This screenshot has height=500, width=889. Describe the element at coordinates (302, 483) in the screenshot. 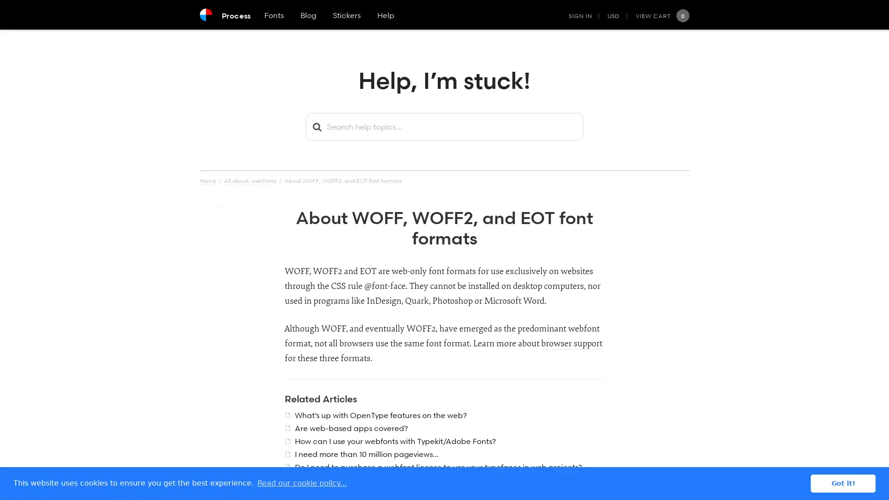

I see `learn more about cookies` at that location.